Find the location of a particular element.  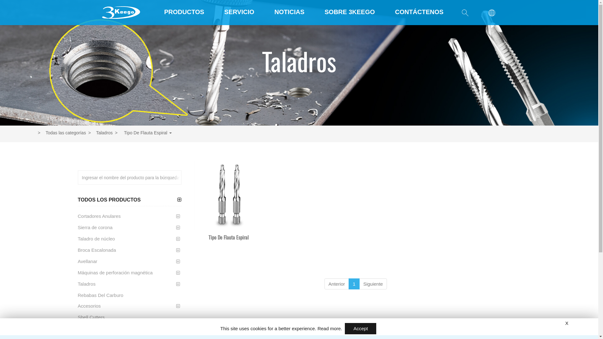

'Sierra de corona' is located at coordinates (95, 228).